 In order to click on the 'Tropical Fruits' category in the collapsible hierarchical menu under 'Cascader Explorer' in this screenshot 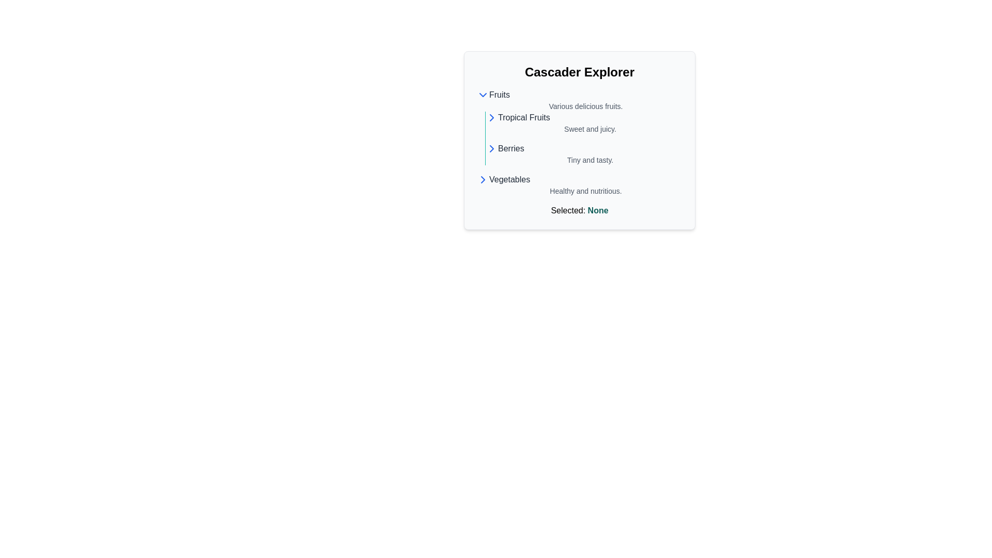, I will do `click(580, 143)`.